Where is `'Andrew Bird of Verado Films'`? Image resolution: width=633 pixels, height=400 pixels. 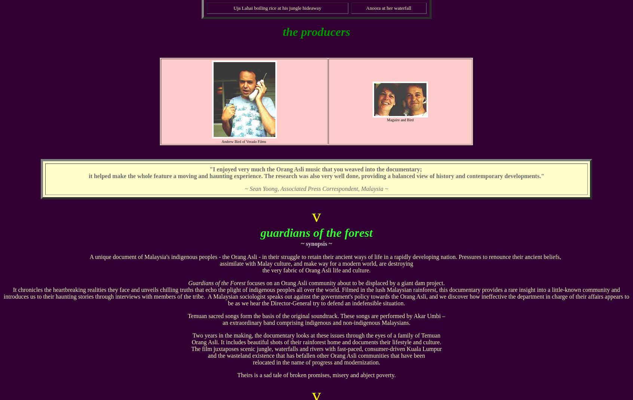
'Andrew Bird of Verado Films' is located at coordinates (244, 141).